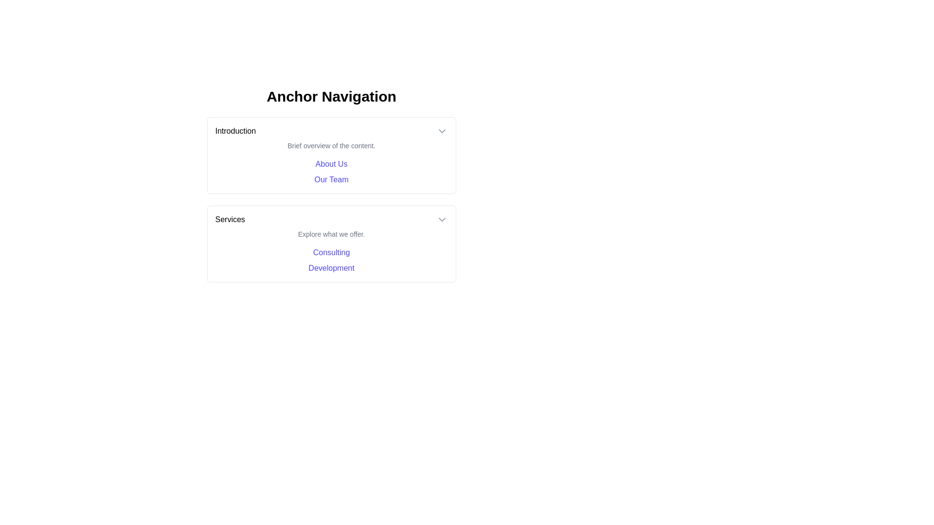 The height and width of the screenshot is (525, 934). What do you see at coordinates (331, 252) in the screenshot?
I see `the hyperlink located in the 'Services' section below the 'Anchor Navigation' title, which is the first clickable link under 'Explore what we offer'` at bounding box center [331, 252].